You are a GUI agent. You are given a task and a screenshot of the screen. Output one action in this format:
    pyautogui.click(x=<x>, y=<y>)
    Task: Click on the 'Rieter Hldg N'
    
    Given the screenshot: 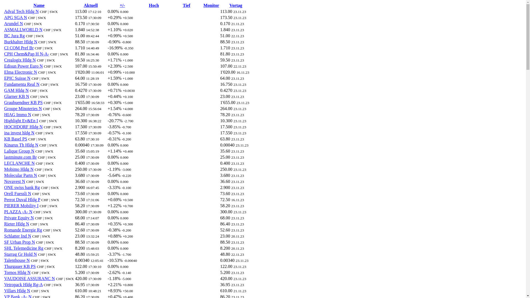 What is the action you would take?
    pyautogui.click(x=17, y=224)
    